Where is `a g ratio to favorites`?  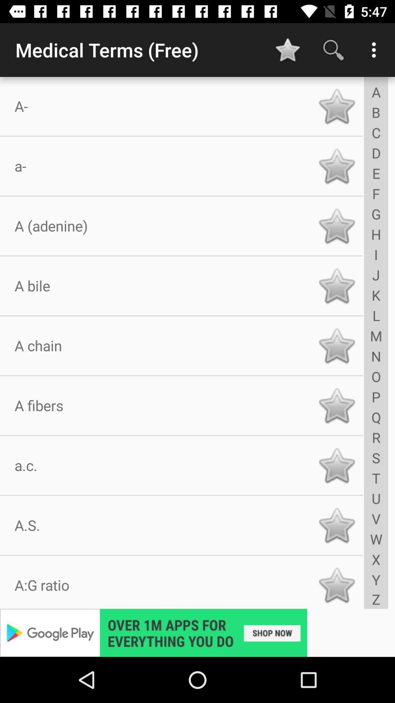 a g ratio to favorites is located at coordinates (336, 585).